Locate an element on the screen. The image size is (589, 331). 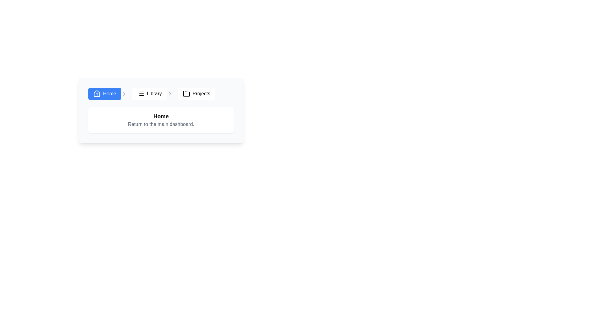
the text label displaying 'Return to the main dashboard.' which is located below the bold header 'Home' is located at coordinates (161, 124).